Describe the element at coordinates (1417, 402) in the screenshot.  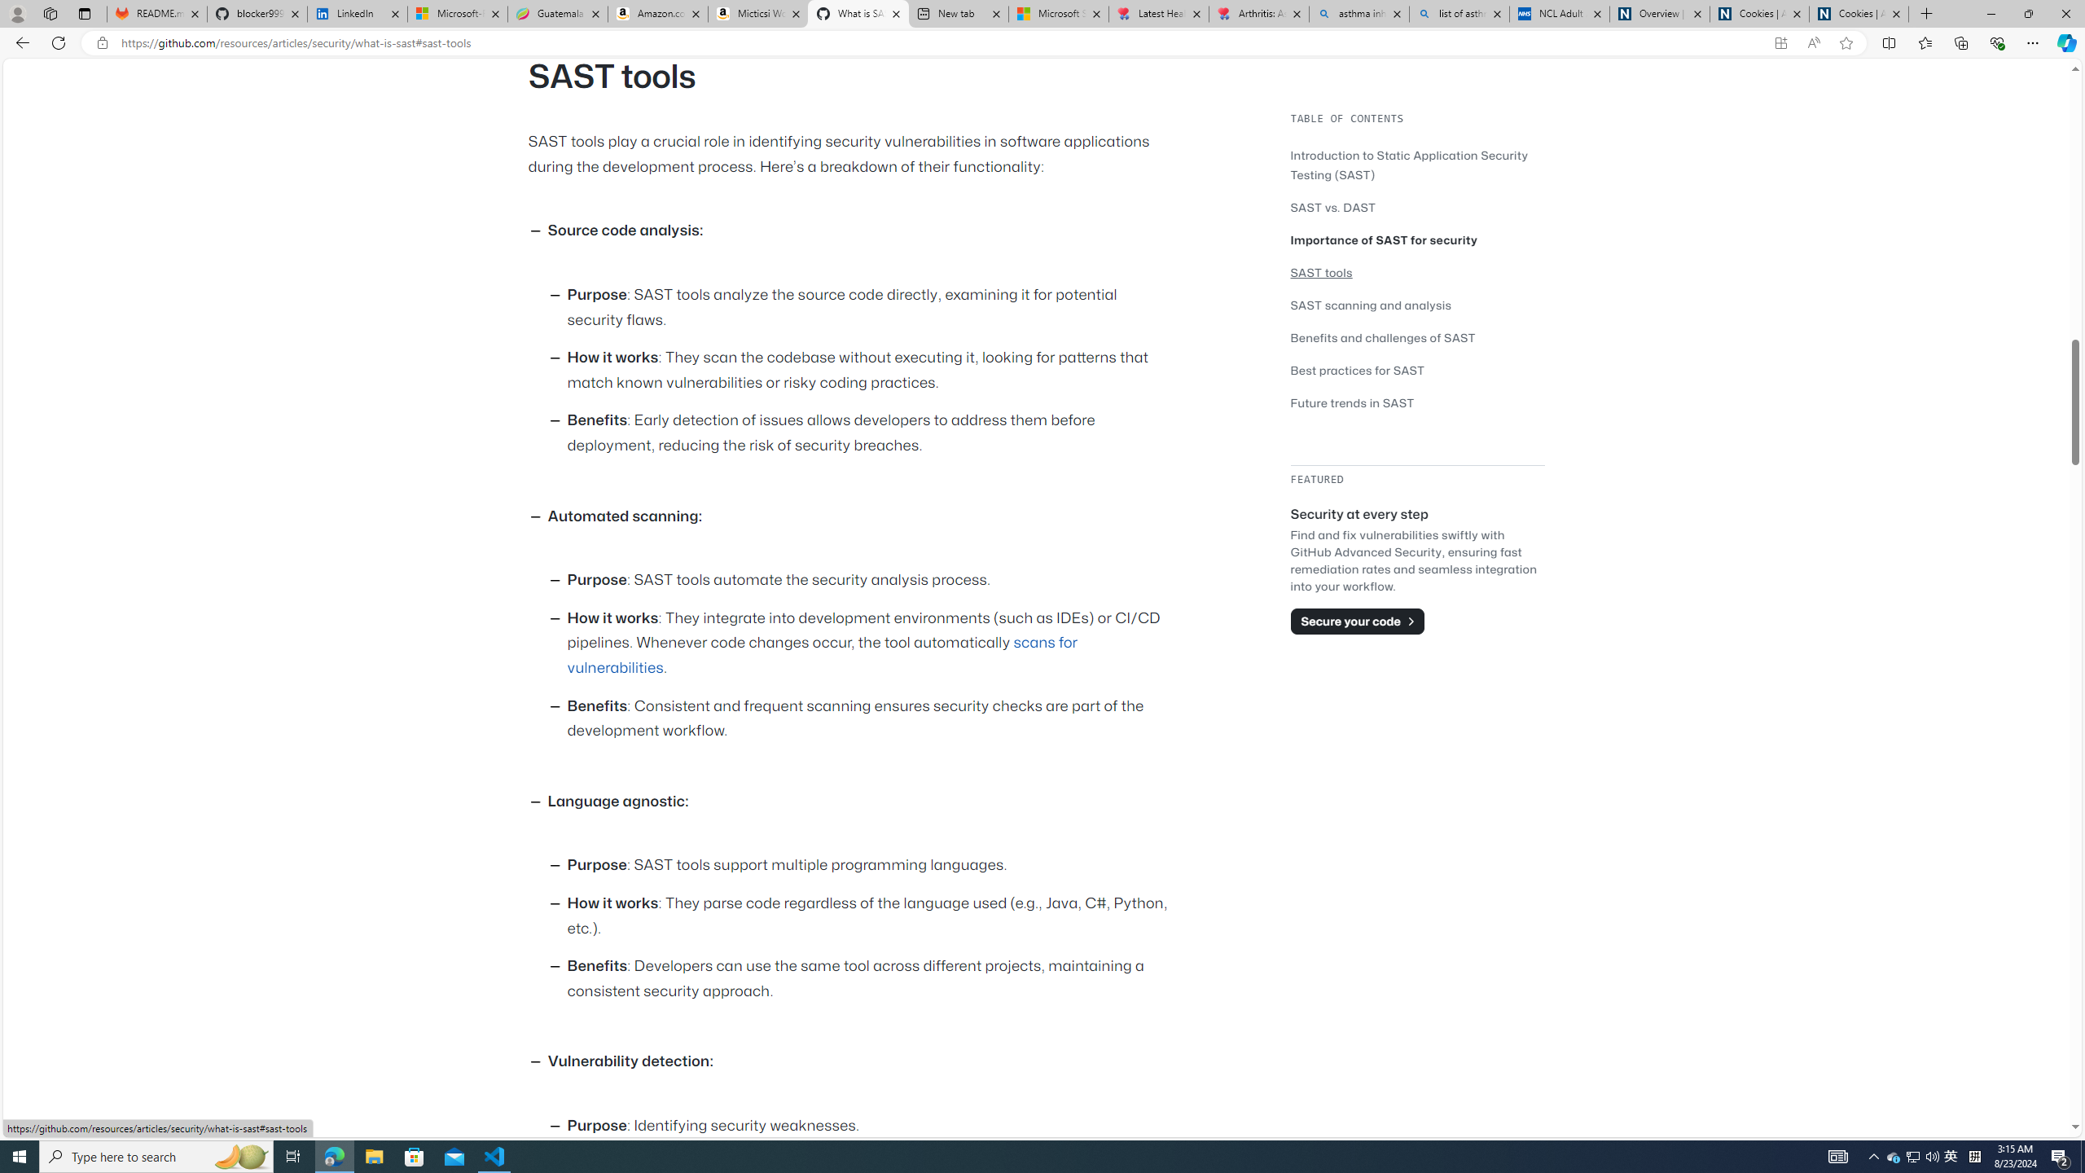
I see `'Future trends in SAST'` at that location.